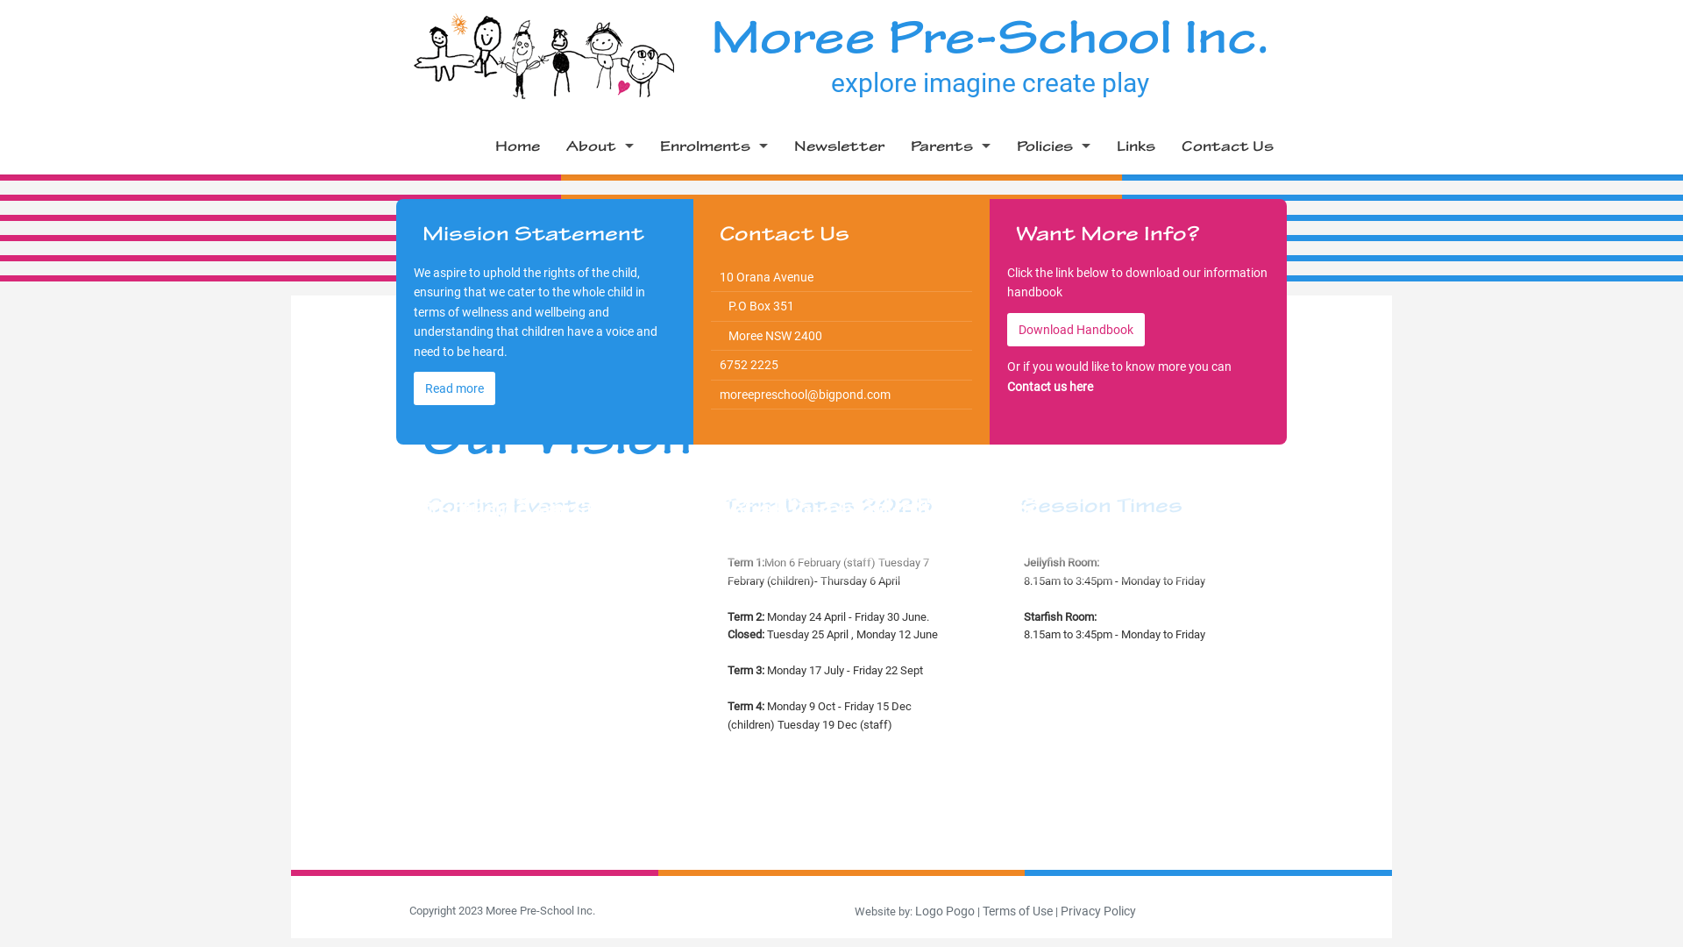 This screenshot has height=947, width=1683. Describe the element at coordinates (600, 145) in the screenshot. I see `'About'` at that location.